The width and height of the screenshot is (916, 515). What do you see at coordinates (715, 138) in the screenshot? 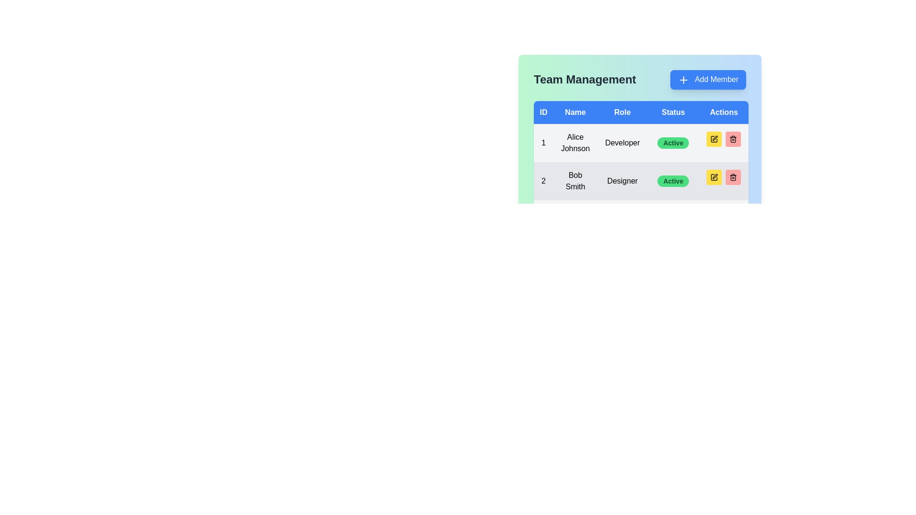
I see `the SVG pencil icon representing the edit action for the user 'Bob Smith' in the 'Actions' column` at bounding box center [715, 138].